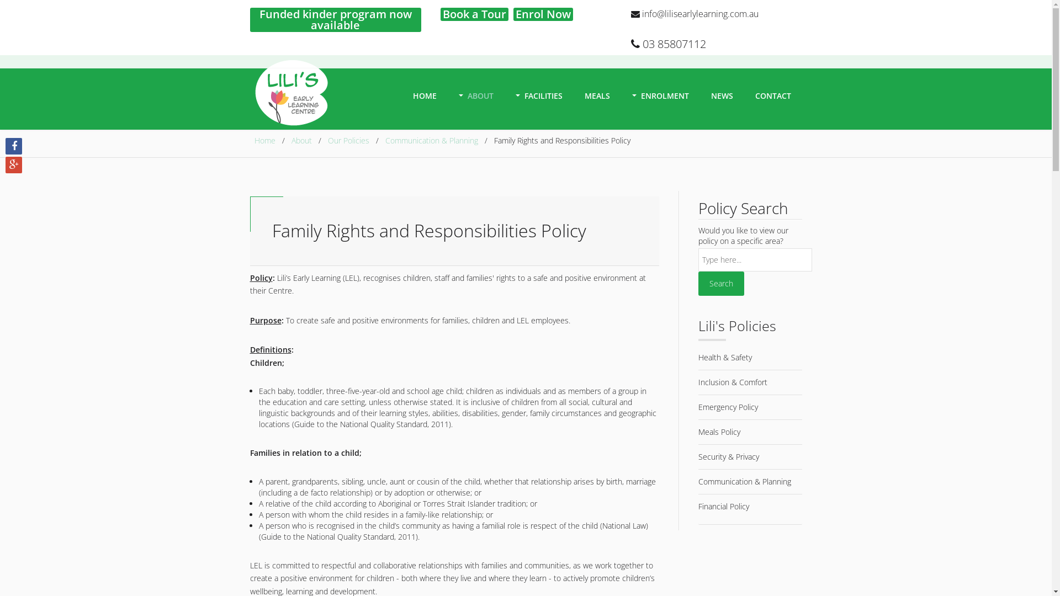  What do you see at coordinates (699, 93) in the screenshot?
I see `'NEWS'` at bounding box center [699, 93].